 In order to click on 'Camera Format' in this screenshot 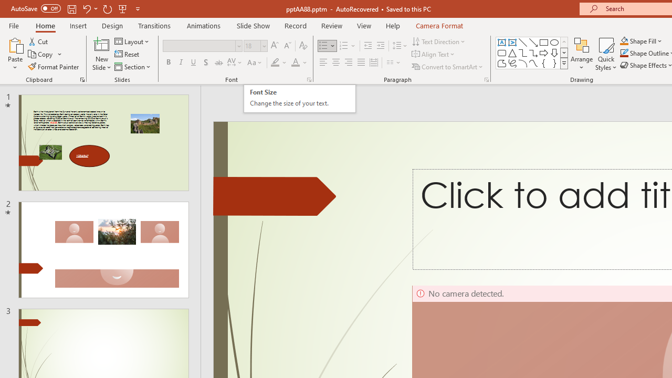, I will do `click(439, 25)`.